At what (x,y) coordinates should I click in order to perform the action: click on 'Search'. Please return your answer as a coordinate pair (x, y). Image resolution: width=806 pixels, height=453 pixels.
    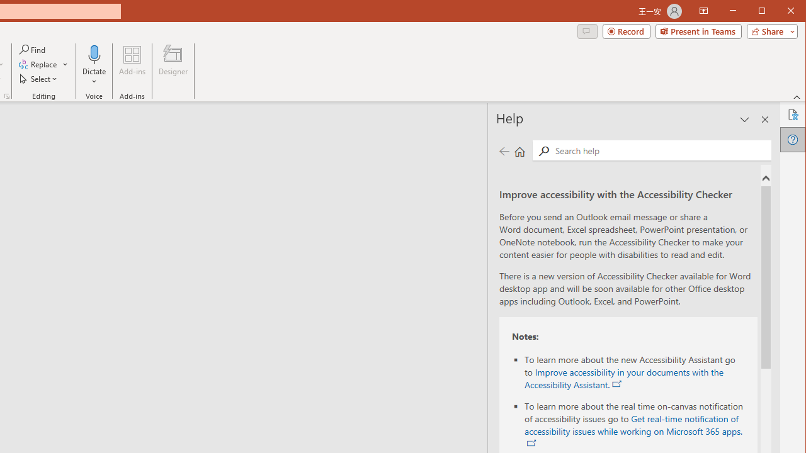
    Looking at the image, I should click on (543, 150).